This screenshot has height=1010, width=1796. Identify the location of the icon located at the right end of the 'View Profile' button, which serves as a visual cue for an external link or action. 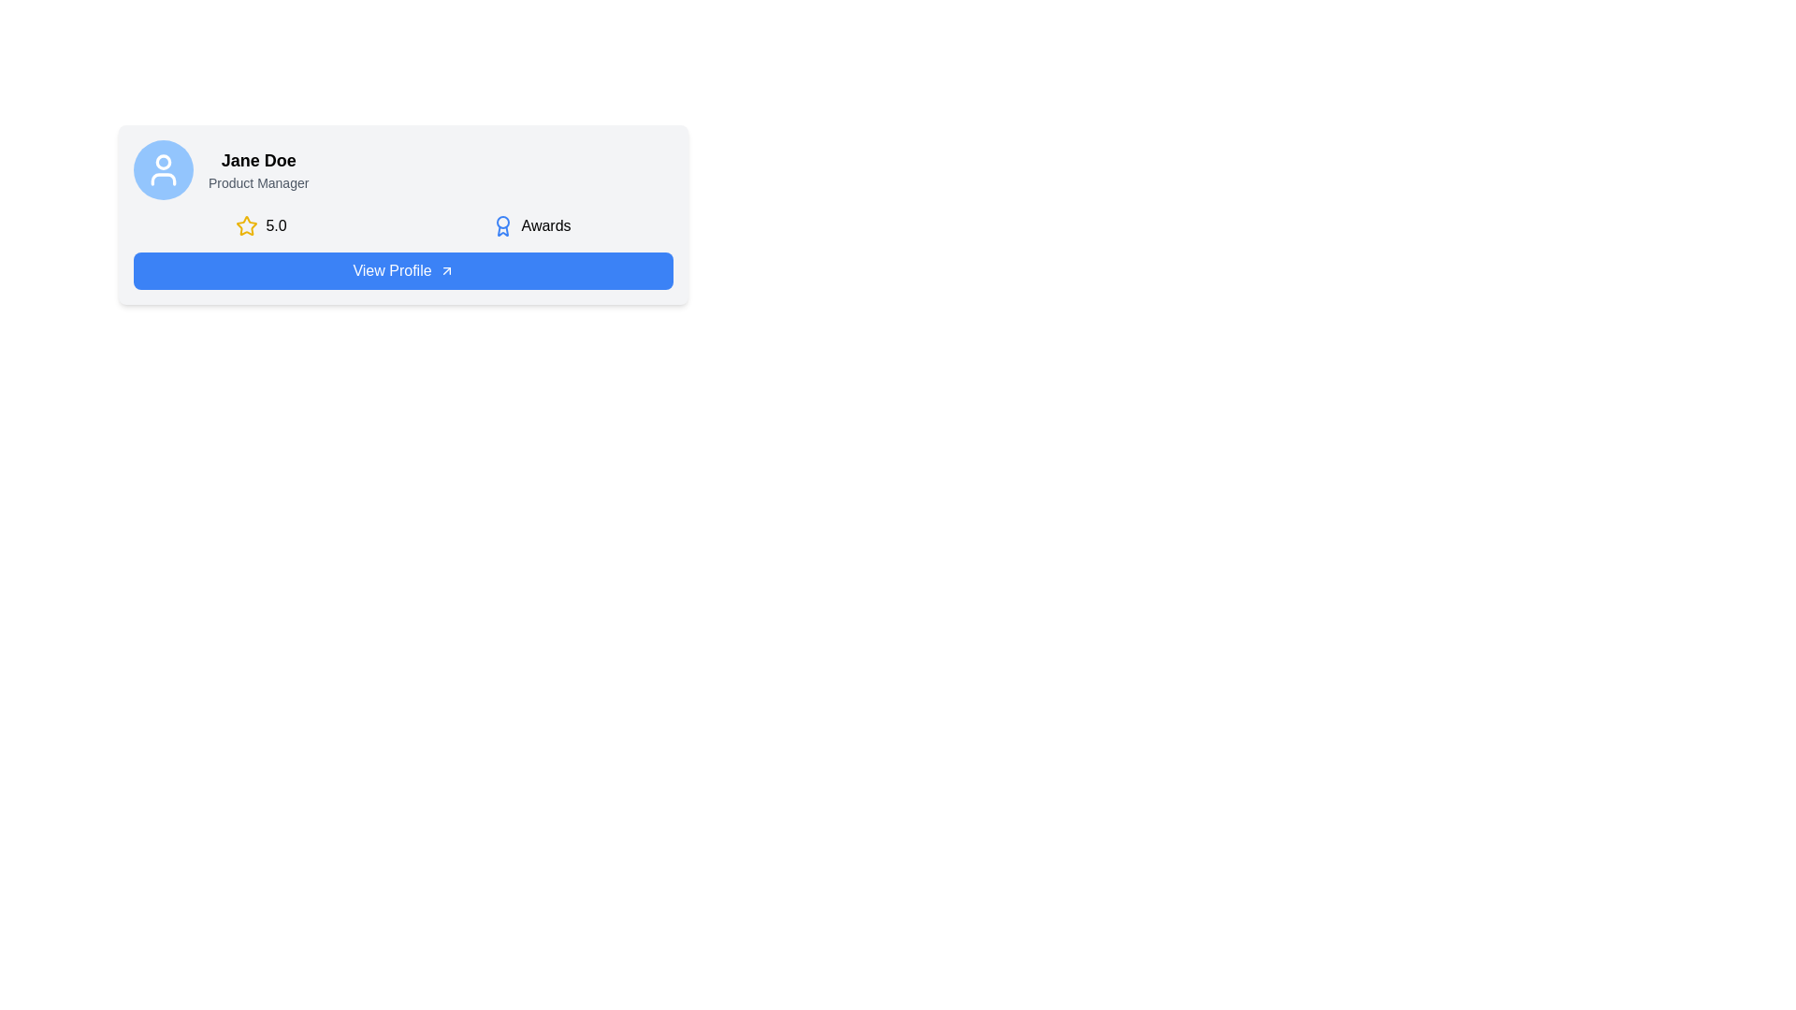
(445, 270).